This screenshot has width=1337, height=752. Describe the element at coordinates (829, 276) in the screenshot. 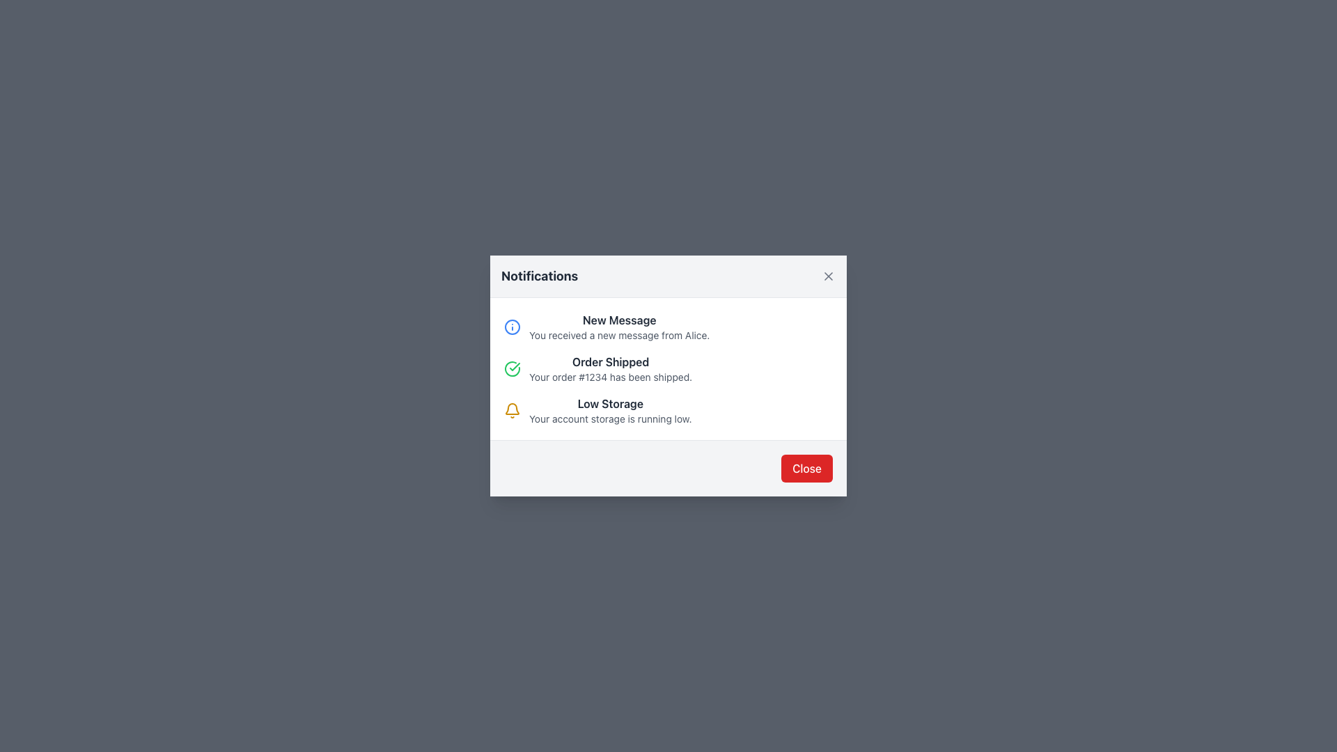

I see `the close button located at the top-right corner of the Notifications modal` at that location.